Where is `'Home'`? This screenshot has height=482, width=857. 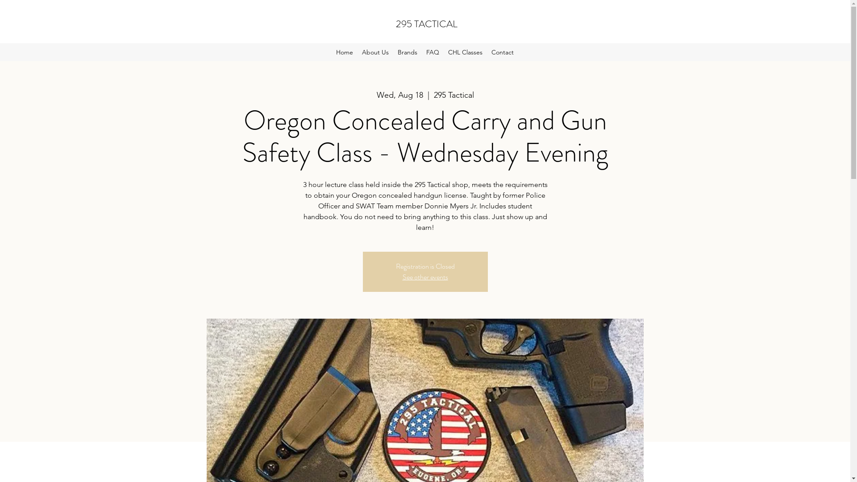
'Home' is located at coordinates (344, 52).